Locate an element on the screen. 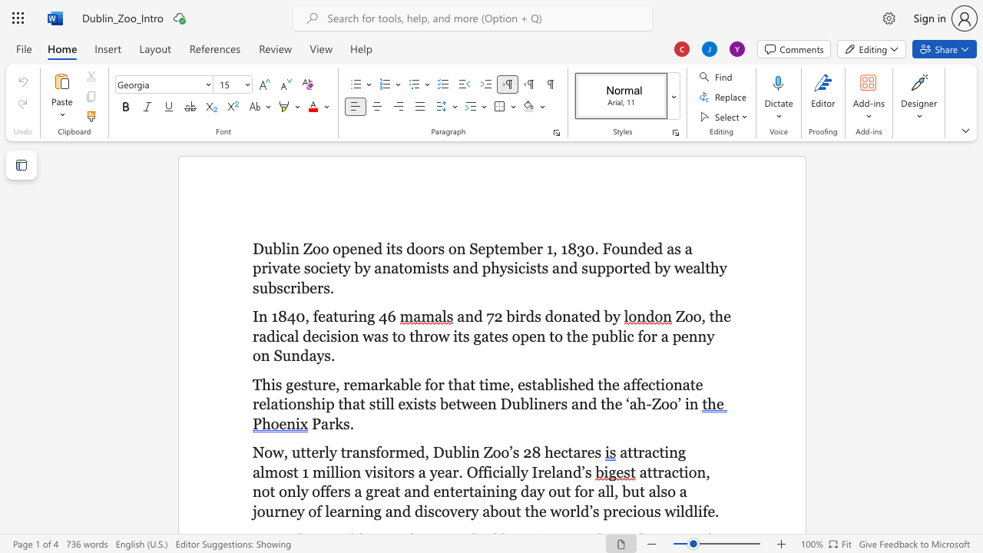 The height and width of the screenshot is (553, 983). the 9th character "t" in the text is located at coordinates (707, 267).